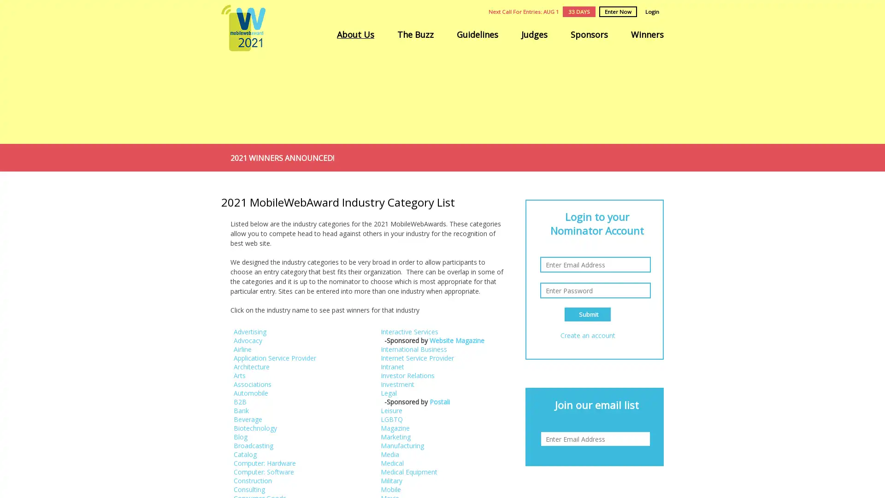  Describe the element at coordinates (587, 314) in the screenshot. I see `Submit` at that location.